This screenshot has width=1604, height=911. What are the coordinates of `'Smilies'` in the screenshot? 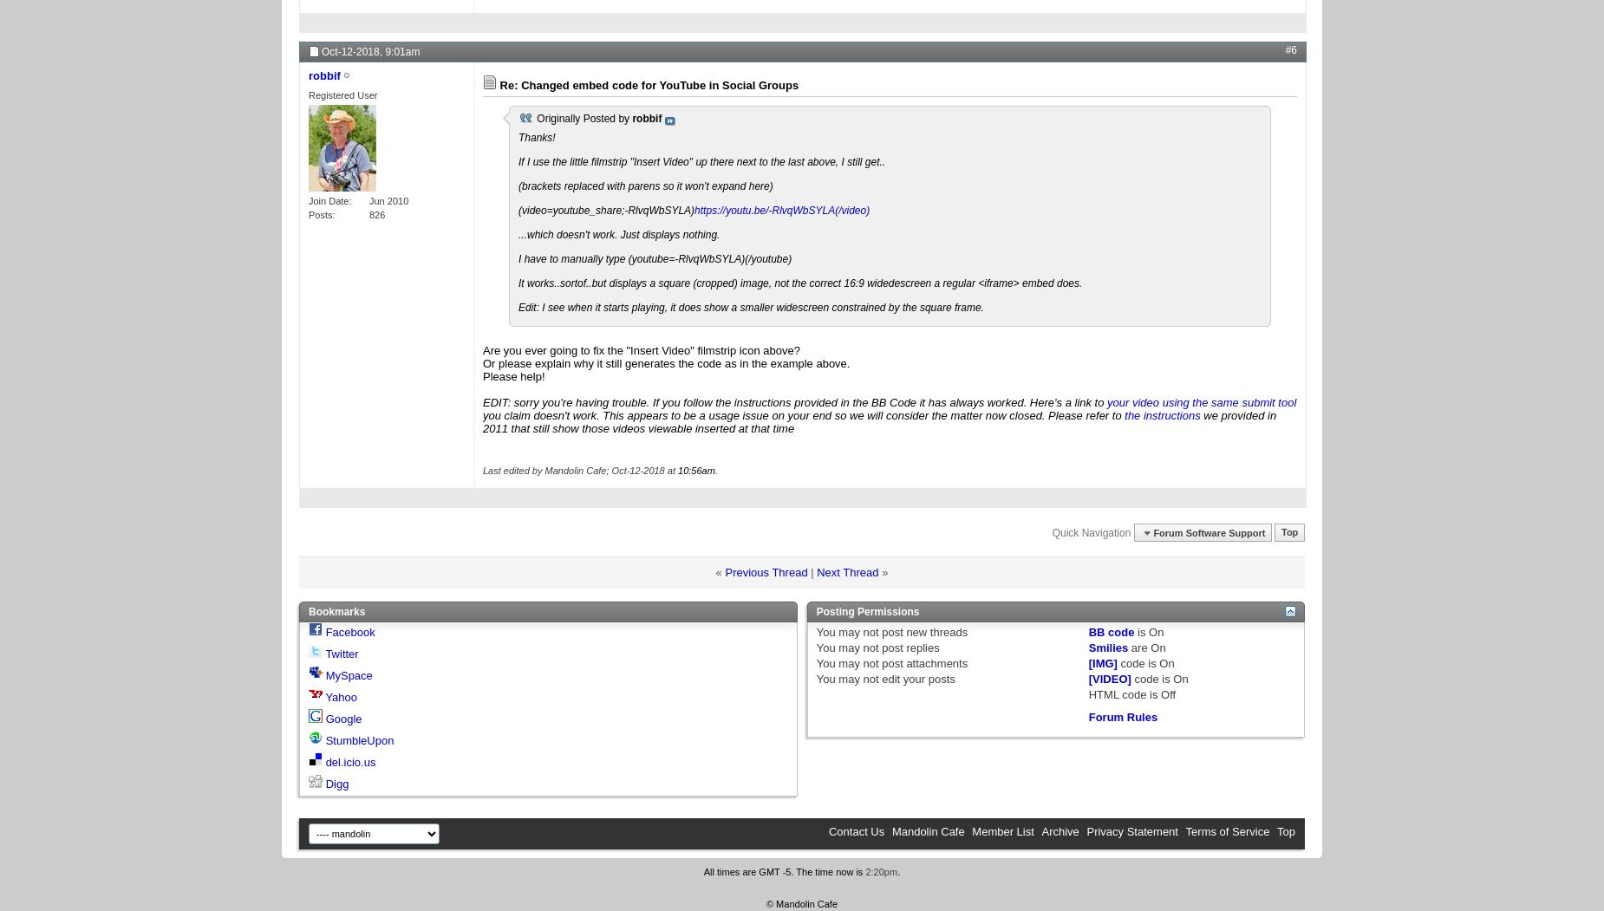 It's located at (1106, 647).